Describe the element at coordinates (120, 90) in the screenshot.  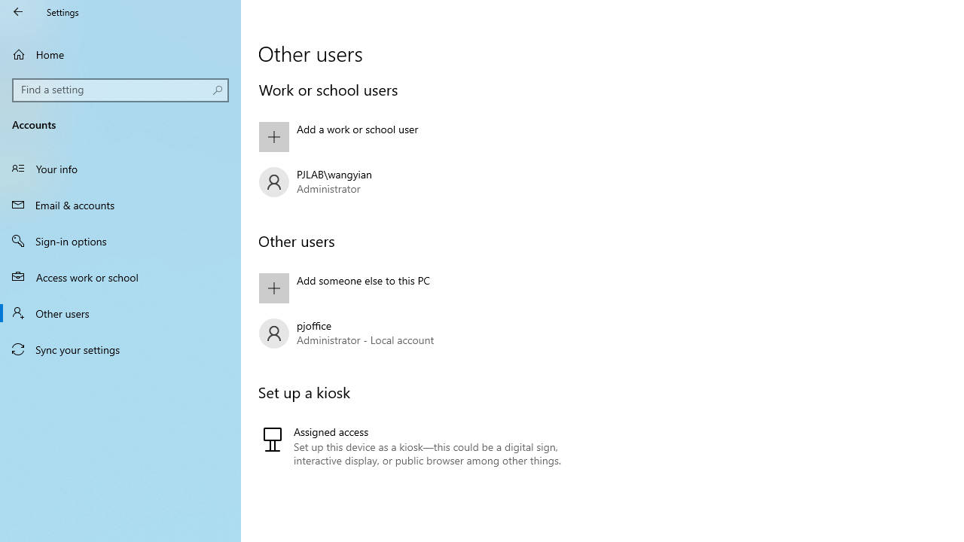
I see `'Search box, Find a setting'` at that location.